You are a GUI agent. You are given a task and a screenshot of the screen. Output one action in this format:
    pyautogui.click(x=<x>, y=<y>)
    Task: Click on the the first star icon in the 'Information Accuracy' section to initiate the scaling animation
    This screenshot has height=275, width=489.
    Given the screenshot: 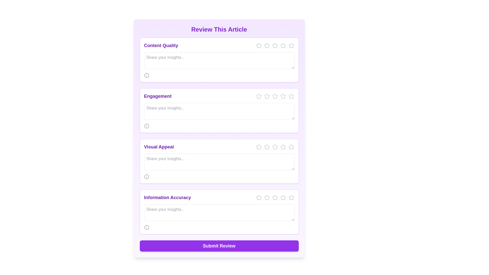 What is the action you would take?
    pyautogui.click(x=259, y=197)
    